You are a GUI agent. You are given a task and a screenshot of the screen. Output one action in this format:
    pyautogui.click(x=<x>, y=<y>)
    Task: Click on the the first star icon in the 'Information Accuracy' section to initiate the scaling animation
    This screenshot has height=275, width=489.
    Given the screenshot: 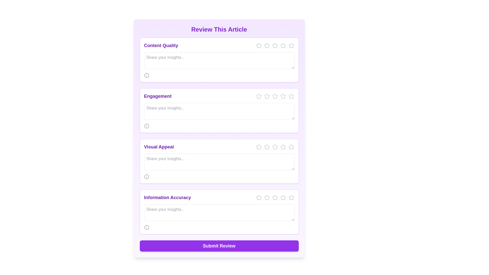 What is the action you would take?
    pyautogui.click(x=259, y=197)
    